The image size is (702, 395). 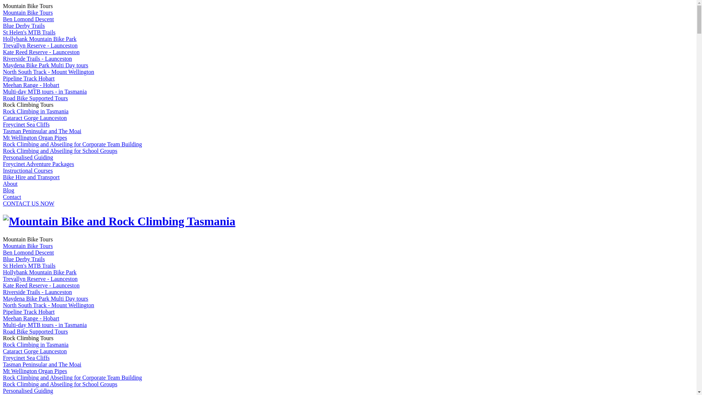 What do you see at coordinates (29, 32) in the screenshot?
I see `'St Helen's MTB Trails'` at bounding box center [29, 32].